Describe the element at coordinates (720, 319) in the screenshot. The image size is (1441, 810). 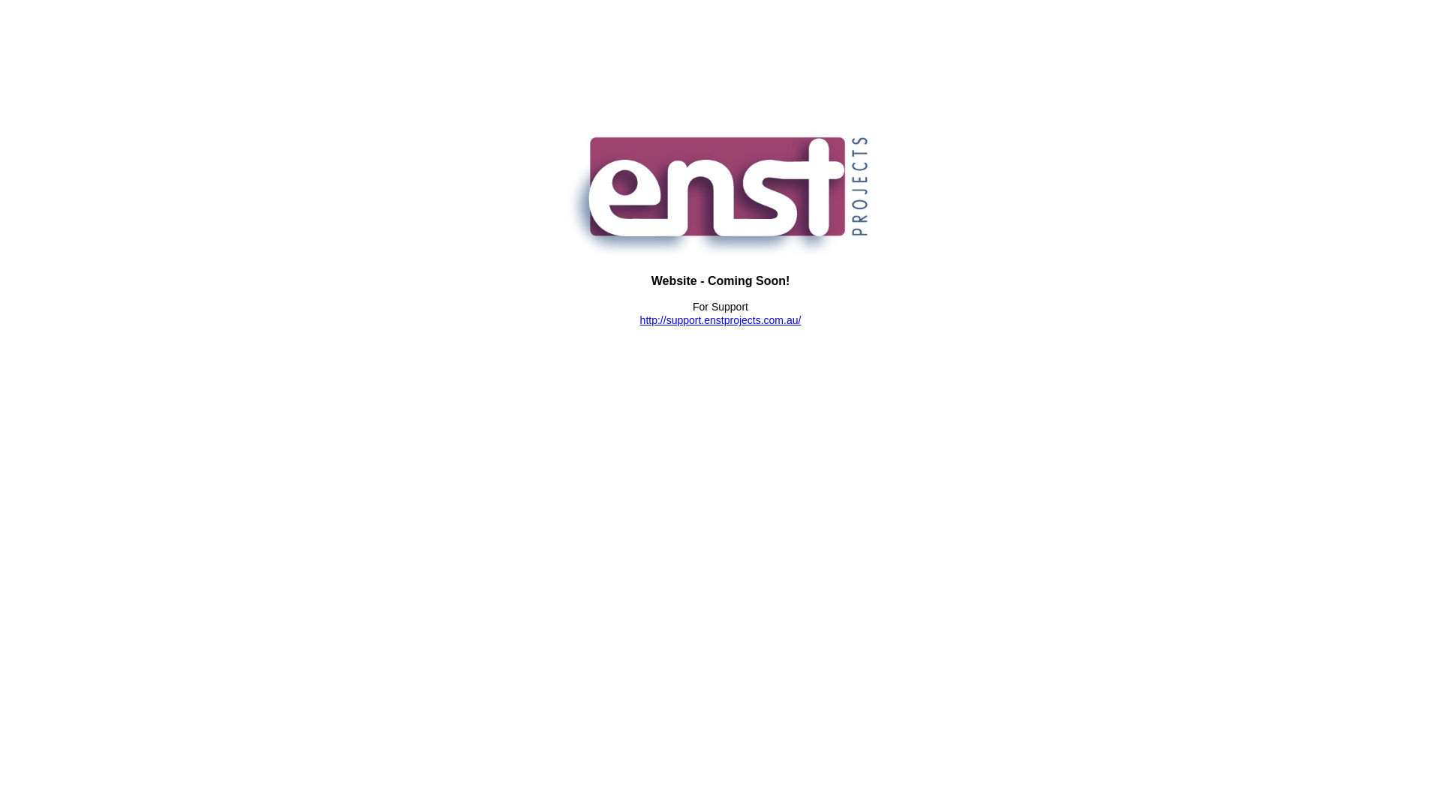
I see `'http://support.enstprojects.com.au/'` at that location.